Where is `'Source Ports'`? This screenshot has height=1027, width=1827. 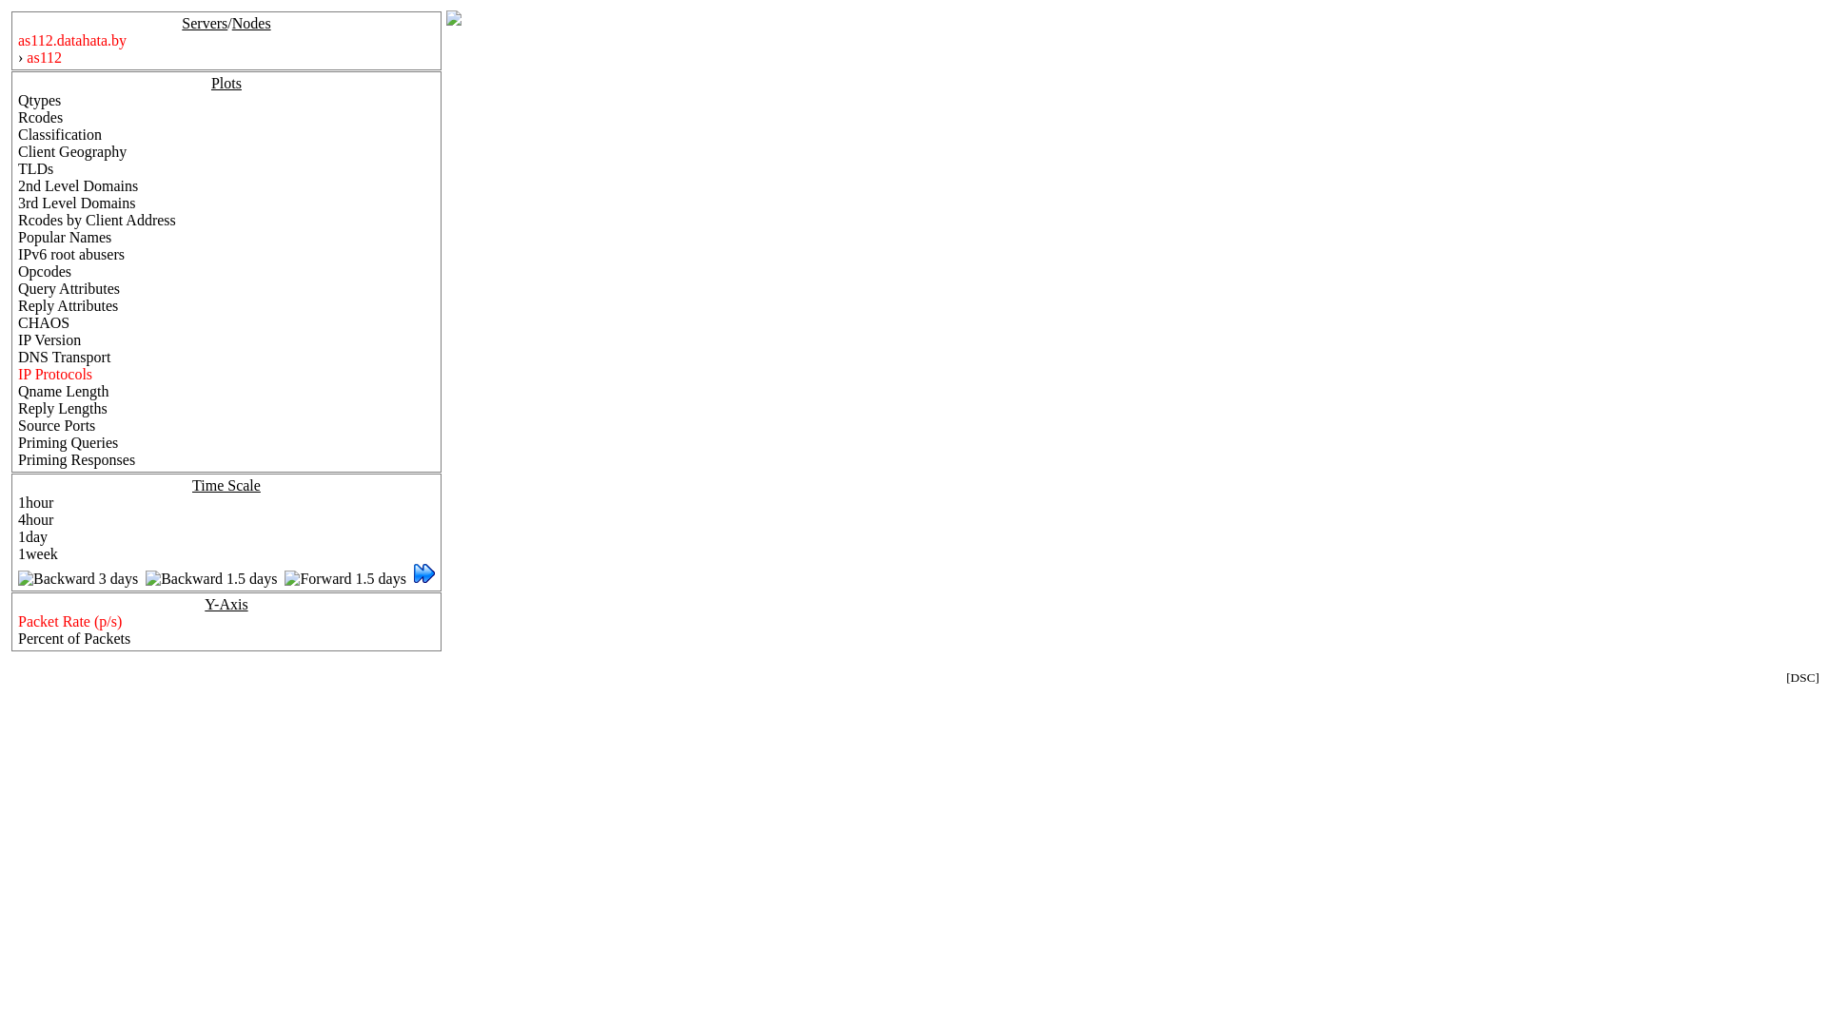
'Source Ports' is located at coordinates (18, 424).